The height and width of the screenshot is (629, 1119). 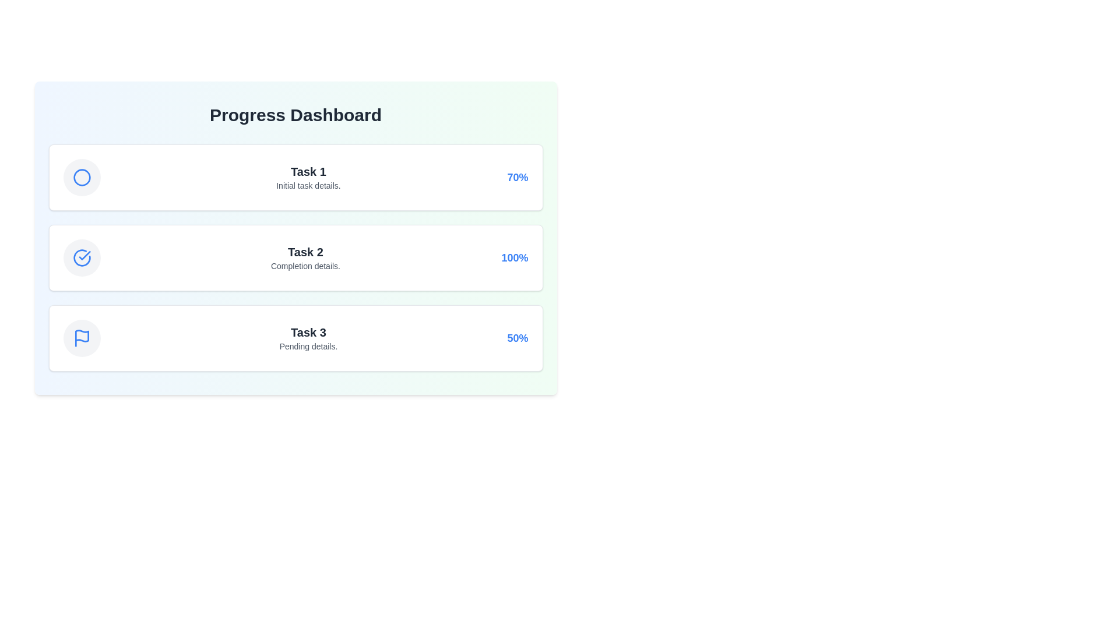 What do you see at coordinates (84, 255) in the screenshot?
I see `the Checkmark icon indicating the completion status of Task 2 in the vertical tasks list` at bounding box center [84, 255].